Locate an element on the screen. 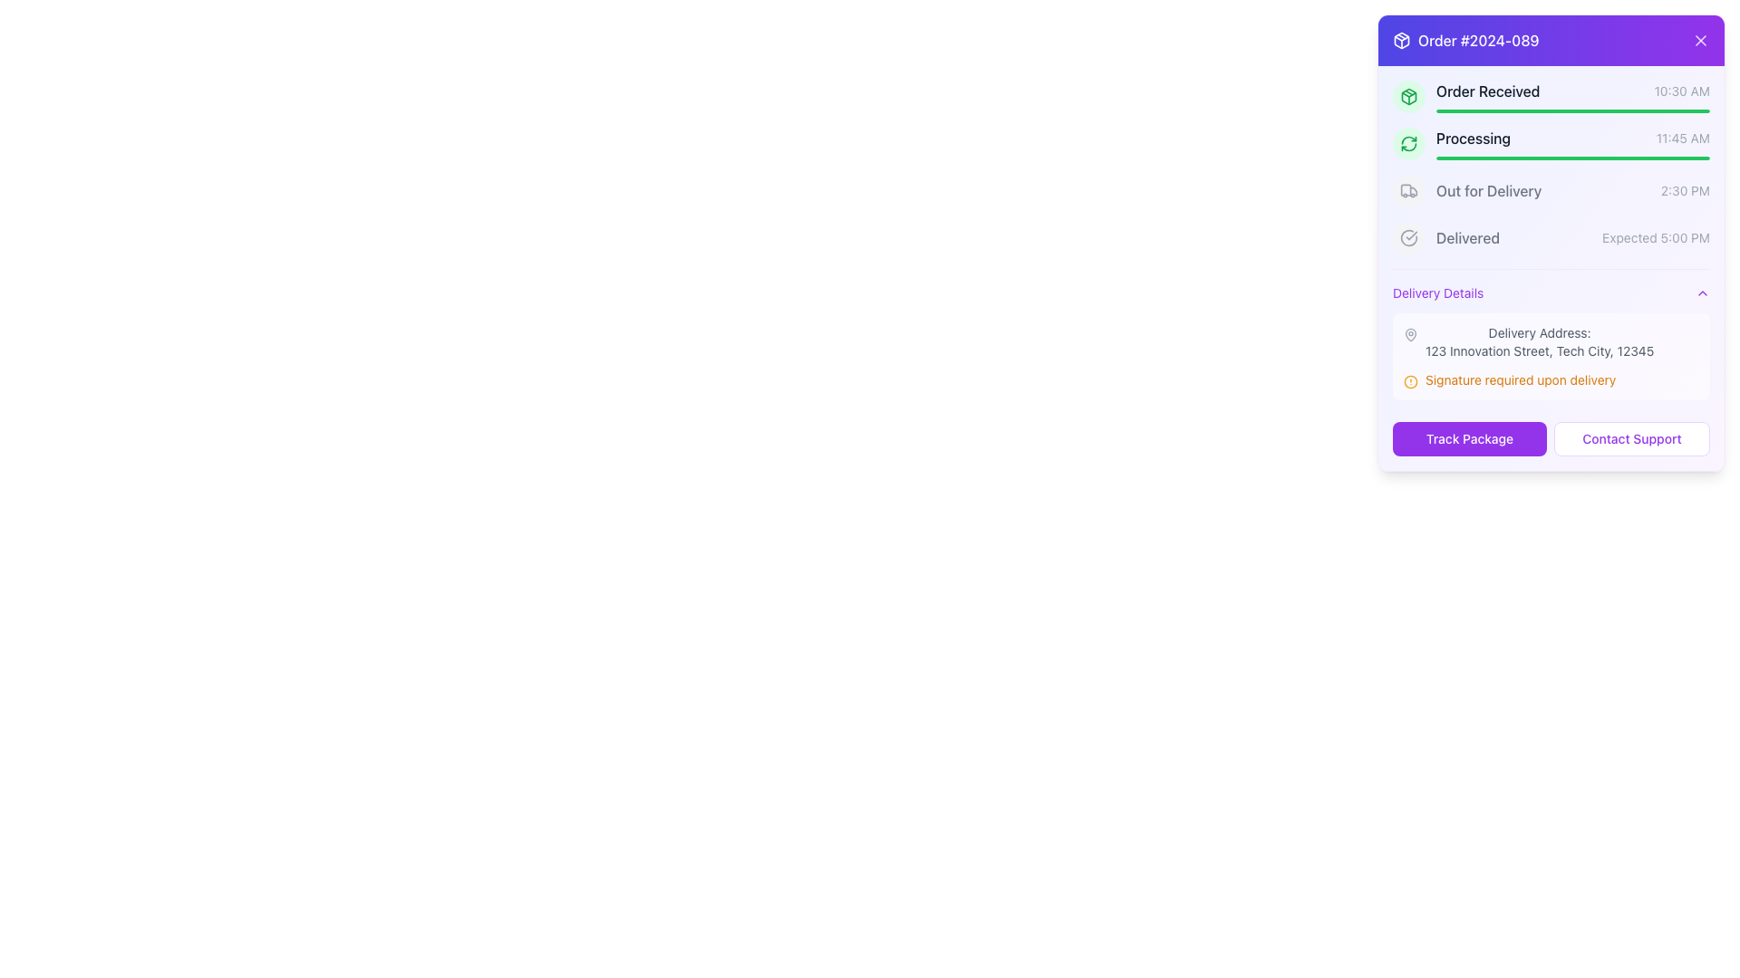 This screenshot has height=978, width=1740. delivery address information displayed in the Text display located in the 'Delivery Details' section, which is positioned below the map pin icon and above the warning icon regarding signature requirements is located at coordinates (1539, 342).